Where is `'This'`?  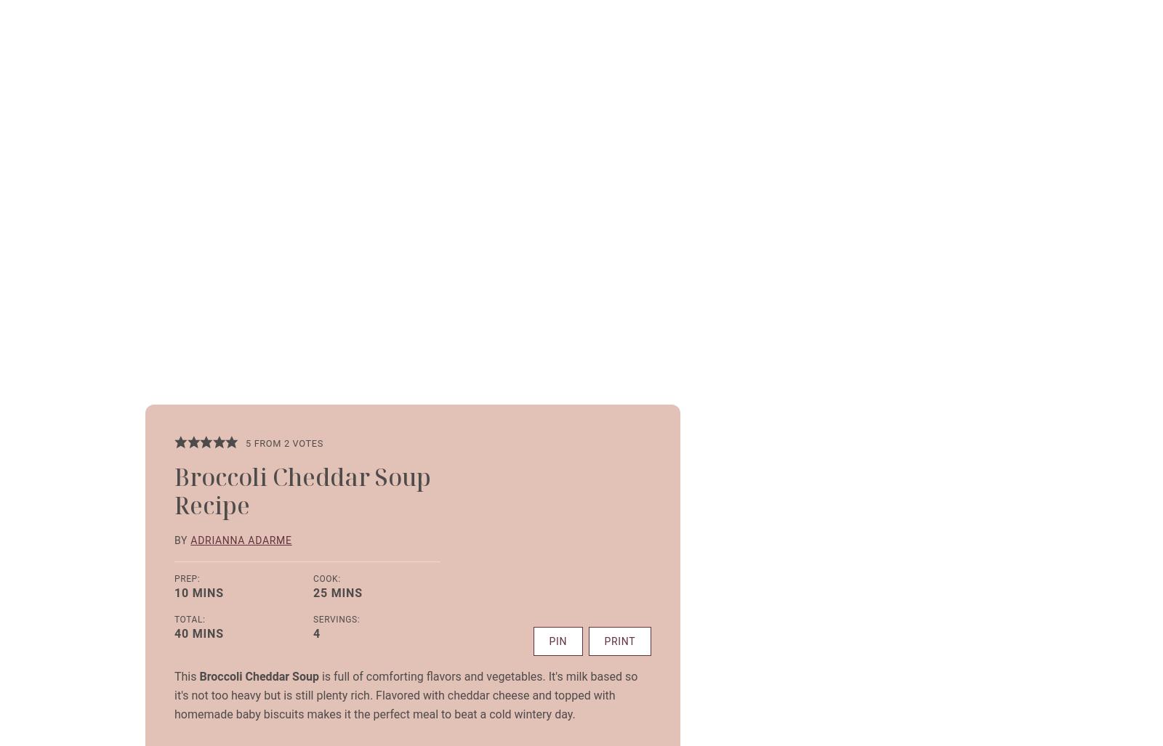 'This' is located at coordinates (174, 676).